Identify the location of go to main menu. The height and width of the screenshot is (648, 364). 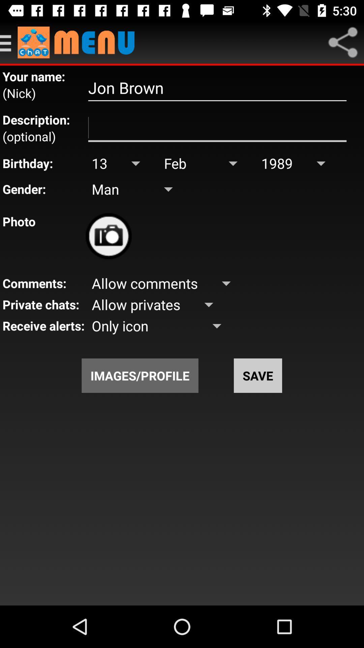
(79, 42).